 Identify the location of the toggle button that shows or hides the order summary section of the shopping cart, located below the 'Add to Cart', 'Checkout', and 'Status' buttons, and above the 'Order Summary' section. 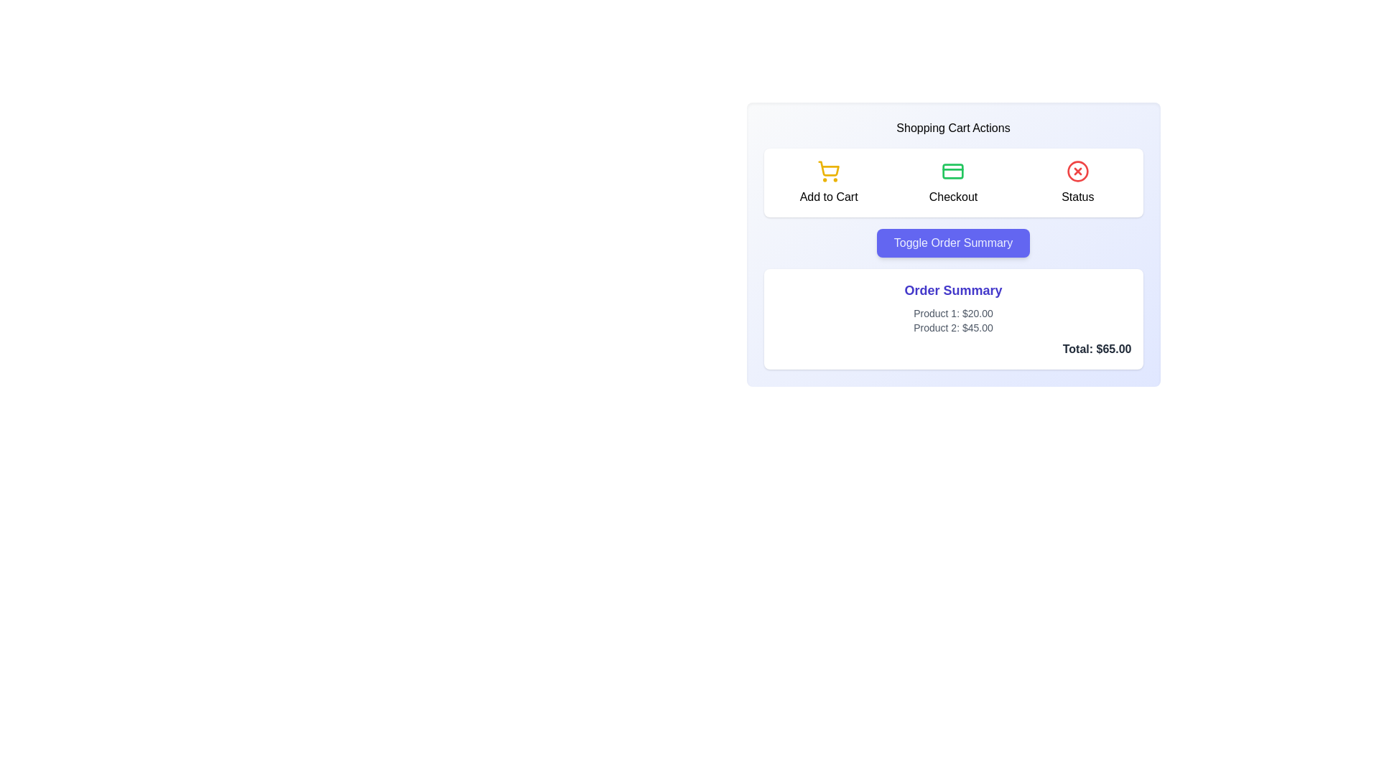
(953, 243).